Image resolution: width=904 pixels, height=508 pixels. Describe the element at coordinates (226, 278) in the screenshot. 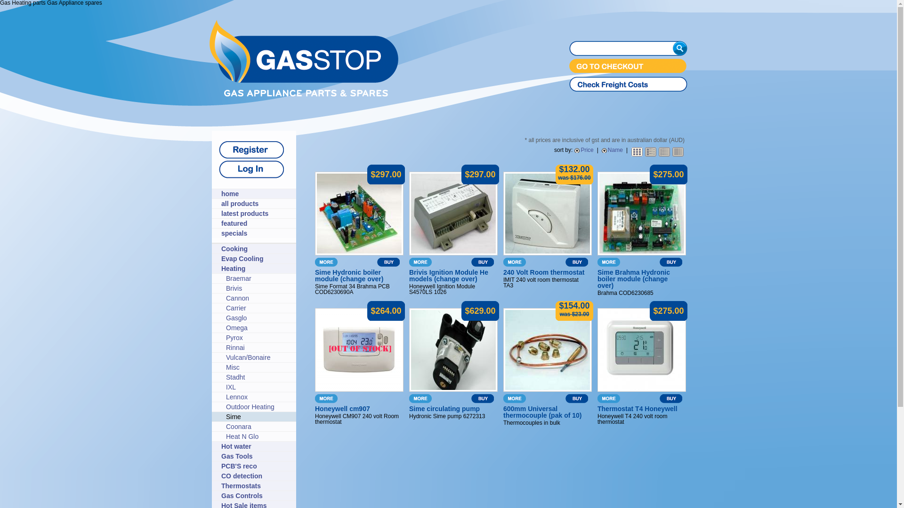

I see `'Braemar'` at that location.